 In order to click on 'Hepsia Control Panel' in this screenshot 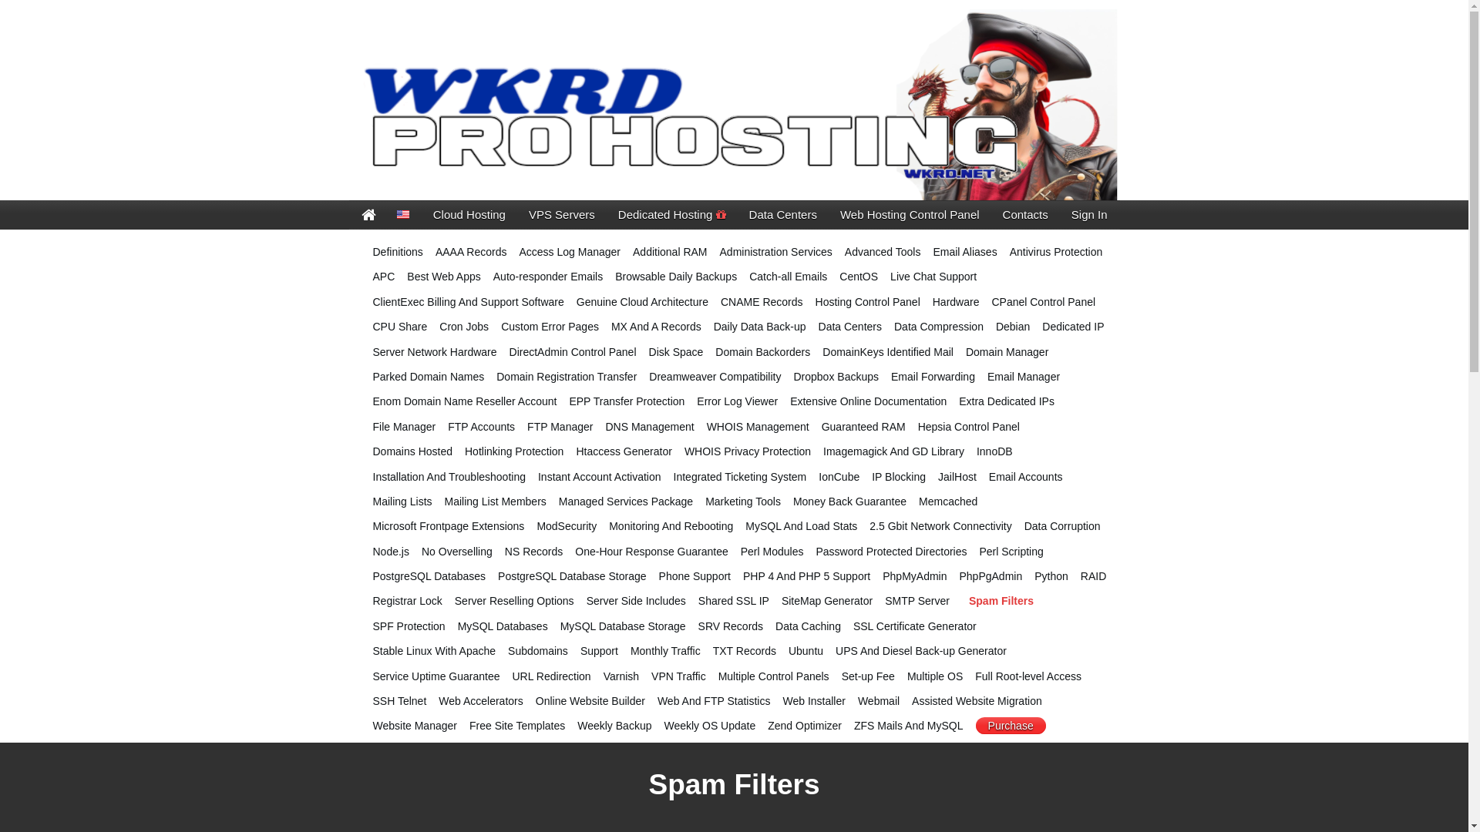, I will do `click(917, 427)`.